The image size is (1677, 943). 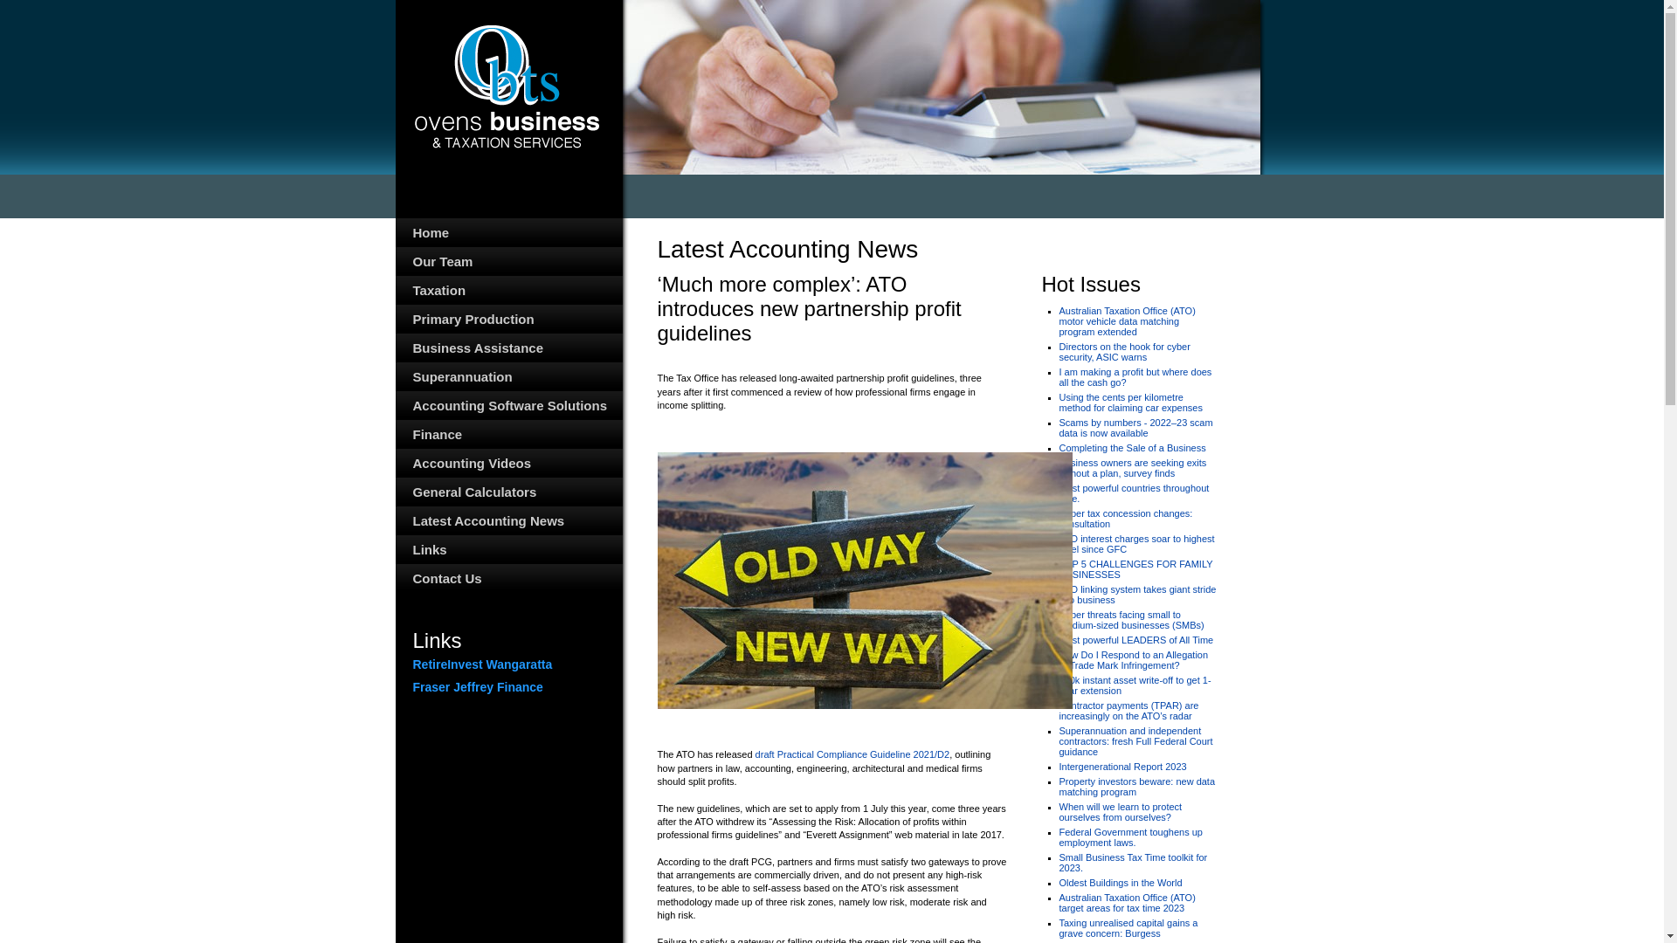 What do you see at coordinates (1132, 447) in the screenshot?
I see `'Completing the Sale of a Business'` at bounding box center [1132, 447].